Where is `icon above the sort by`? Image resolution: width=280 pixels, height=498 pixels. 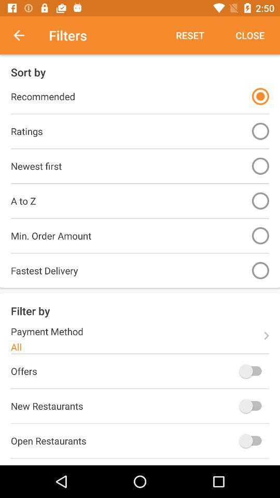
icon above the sort by is located at coordinates (189, 35).